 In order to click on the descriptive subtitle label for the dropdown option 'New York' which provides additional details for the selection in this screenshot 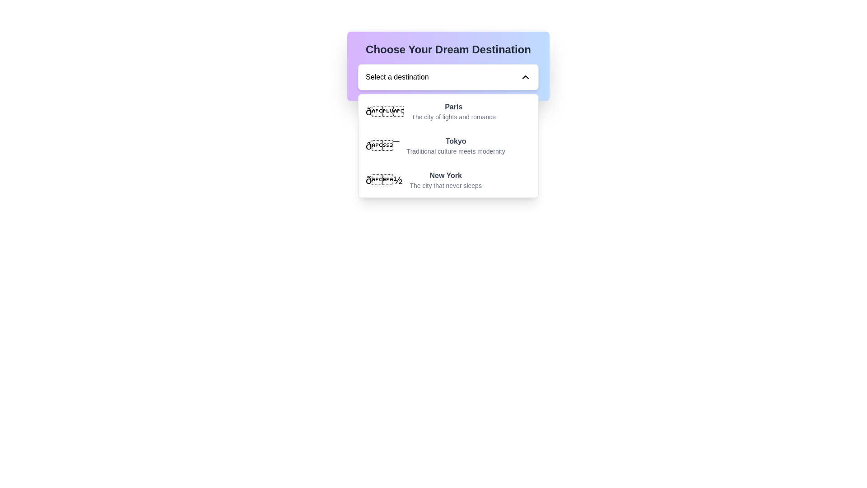, I will do `click(446, 185)`.